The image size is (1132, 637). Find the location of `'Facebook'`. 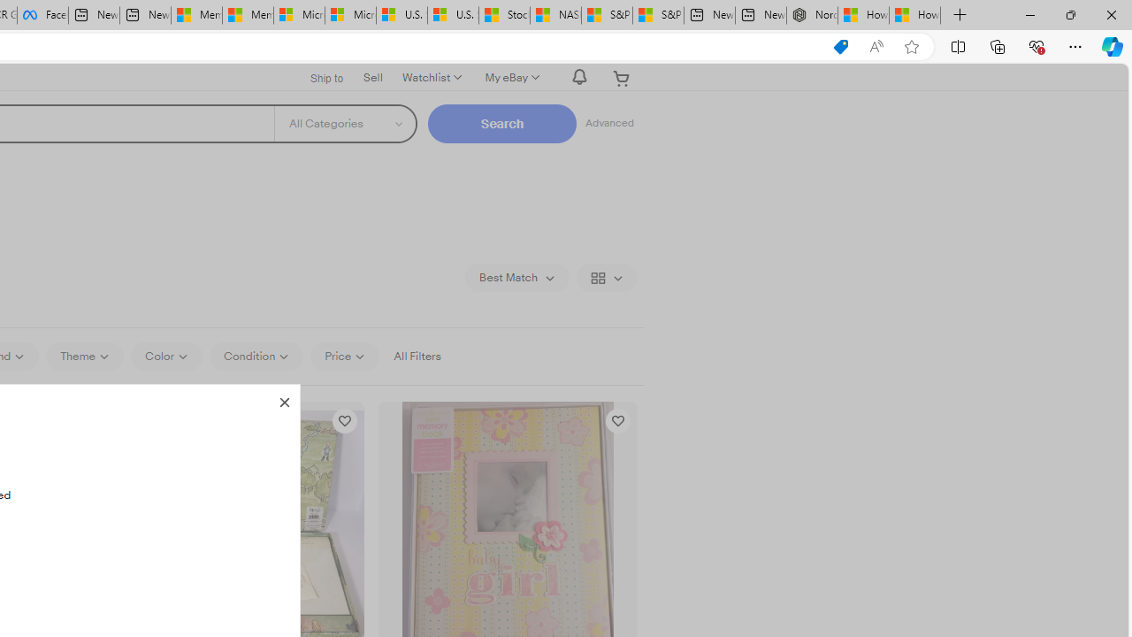

'Facebook' is located at coordinates (42, 15).